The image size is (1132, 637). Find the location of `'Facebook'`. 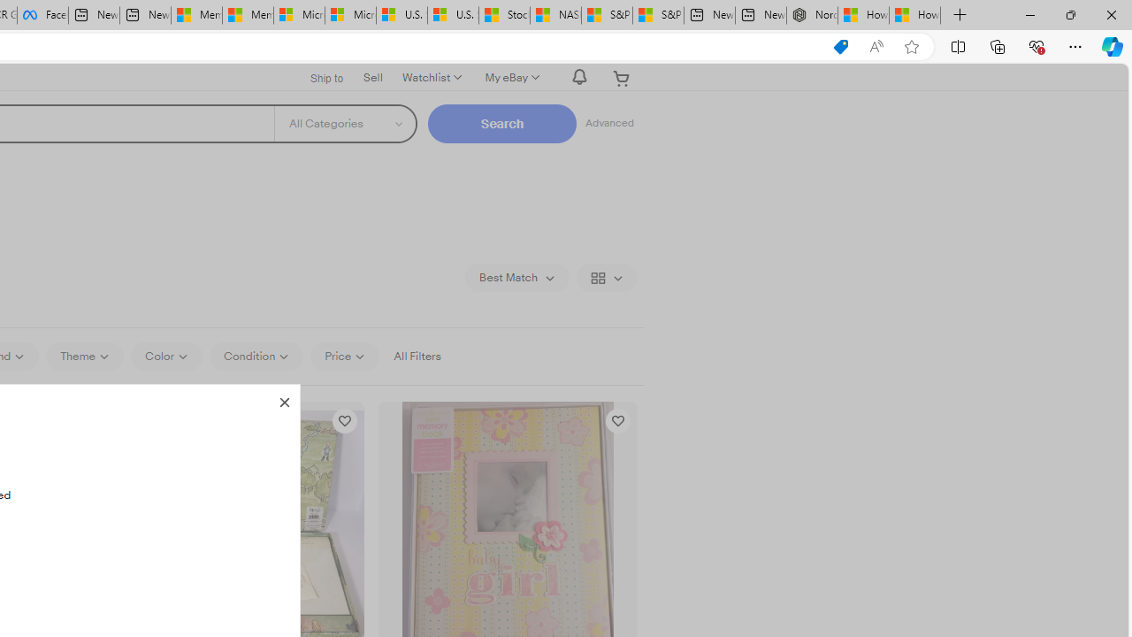

'Facebook' is located at coordinates (42, 15).